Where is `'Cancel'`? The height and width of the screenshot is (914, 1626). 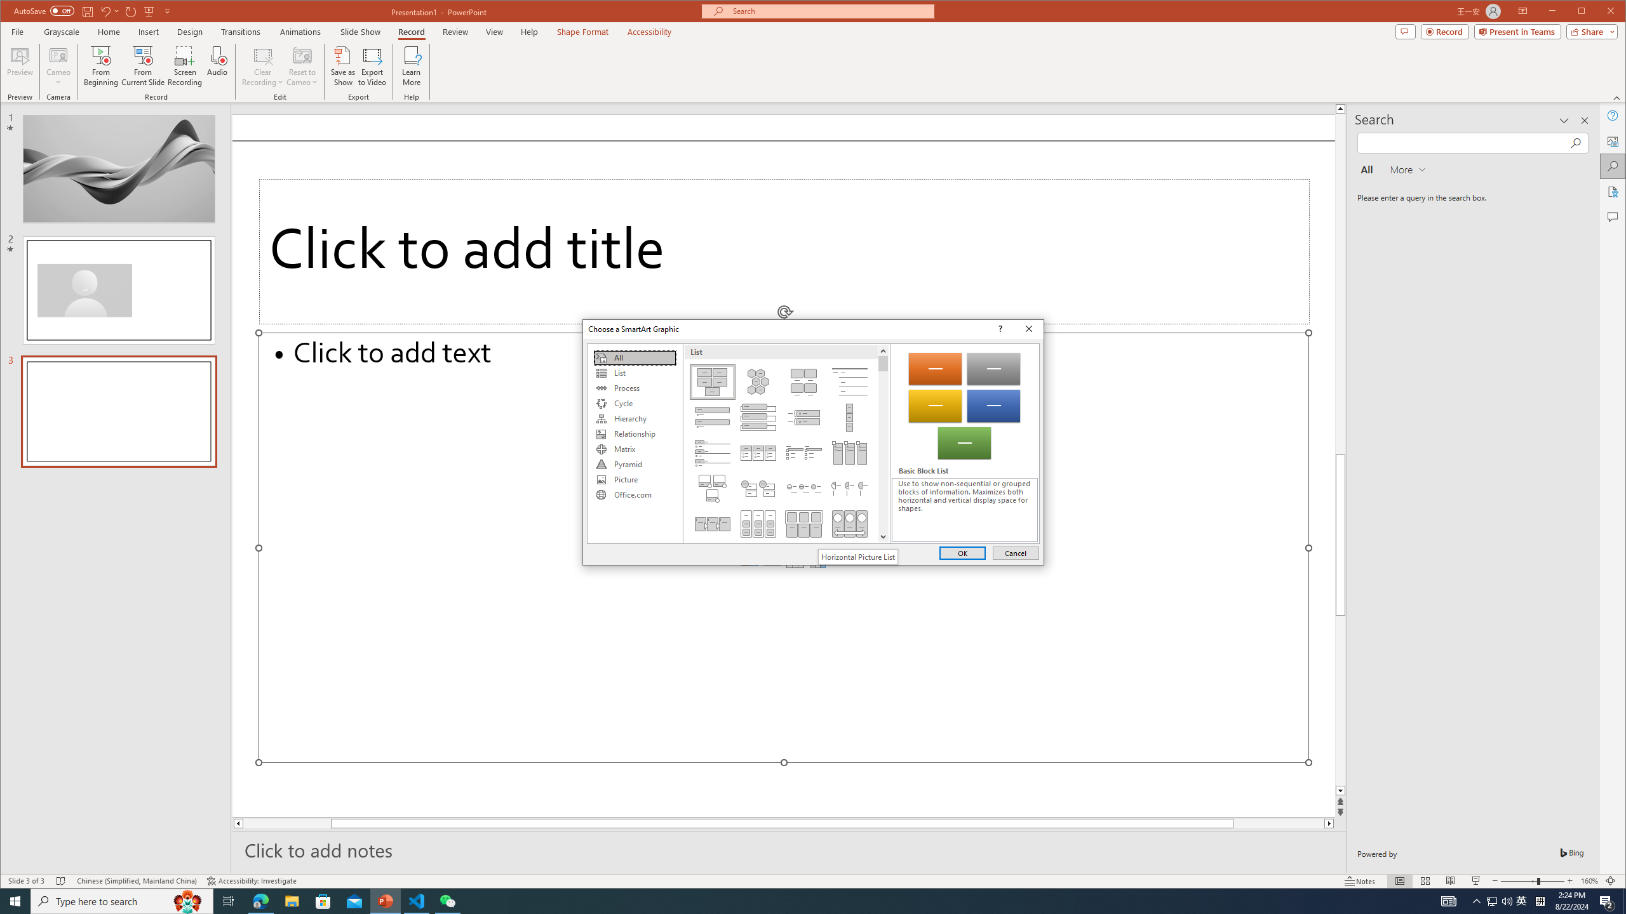
'Cancel' is located at coordinates (1014, 552).